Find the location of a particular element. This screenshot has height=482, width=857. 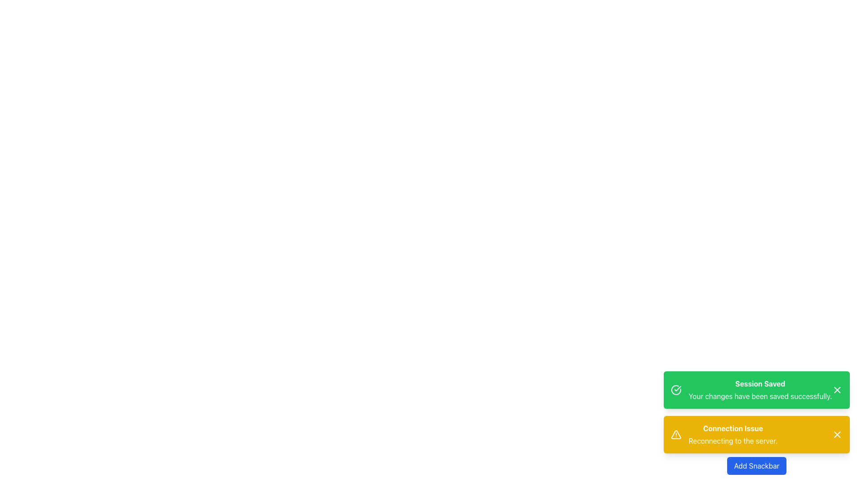

text 'Reconnecting to the server.' displayed in the yellow notification banner below the title 'Connection Issue' is located at coordinates (733, 440).